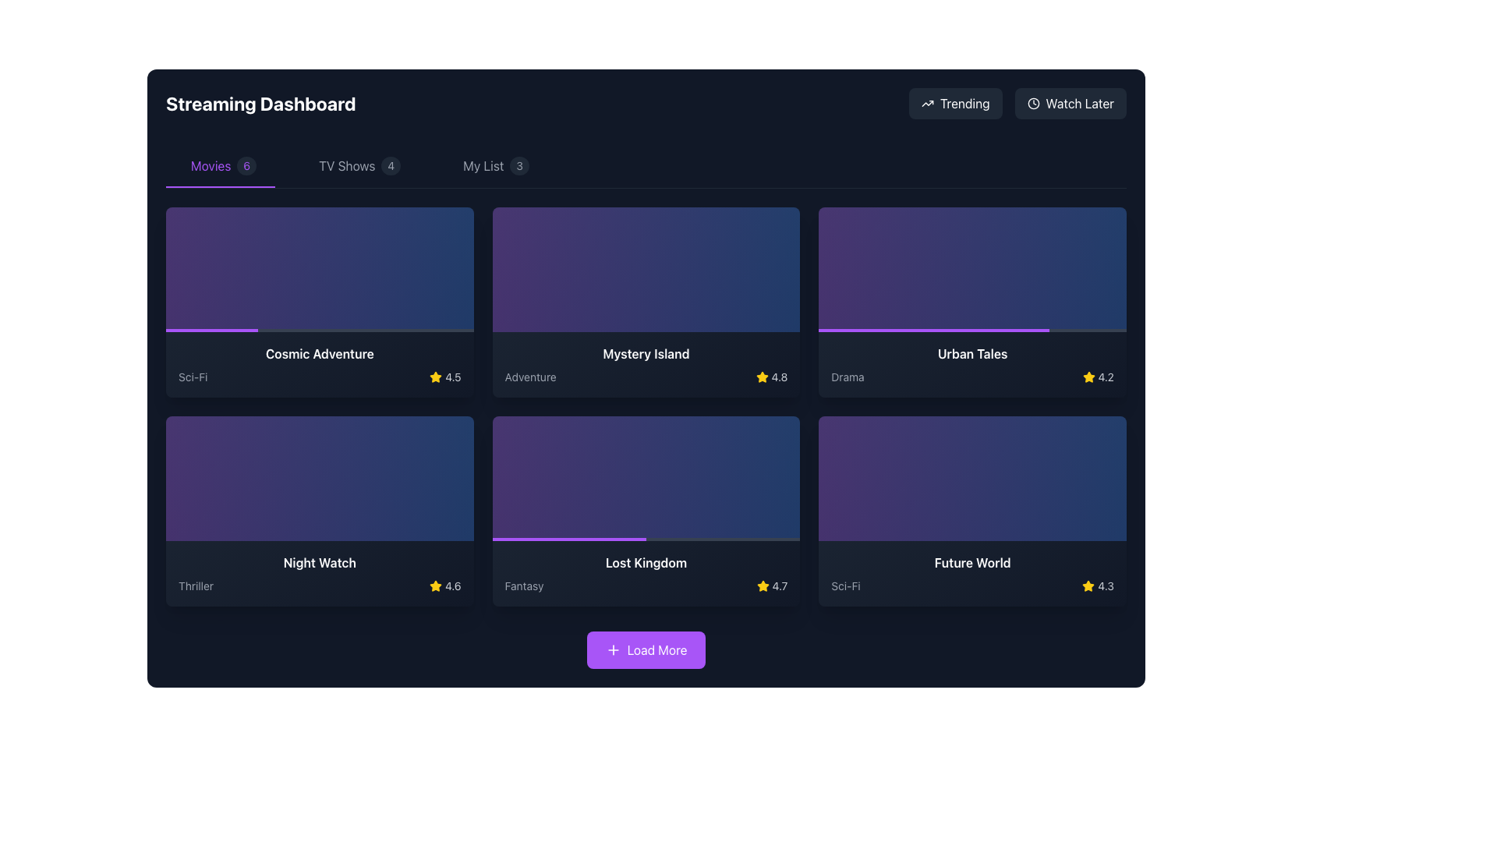  What do you see at coordinates (847, 377) in the screenshot?
I see `text label displaying 'Drama' located at the bottom of the 'Urban Tales' tile in the grid of content cards` at bounding box center [847, 377].